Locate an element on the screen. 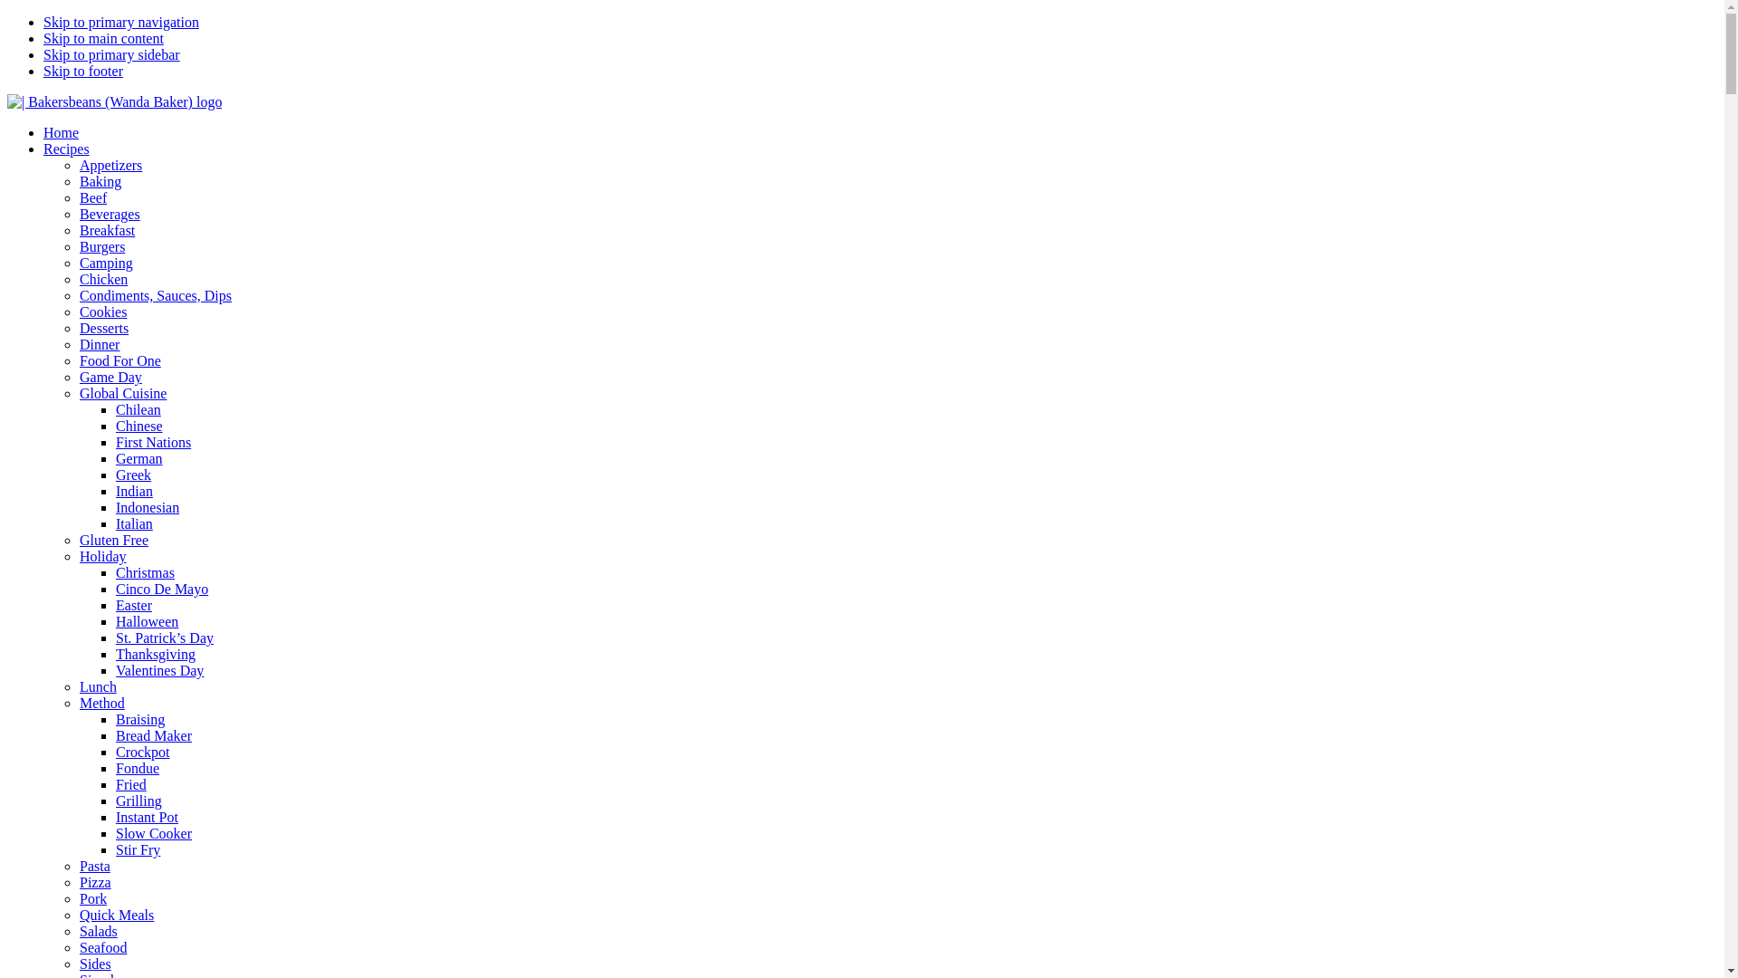 This screenshot has height=978, width=1738. 'Desserts' is located at coordinates (103, 328).